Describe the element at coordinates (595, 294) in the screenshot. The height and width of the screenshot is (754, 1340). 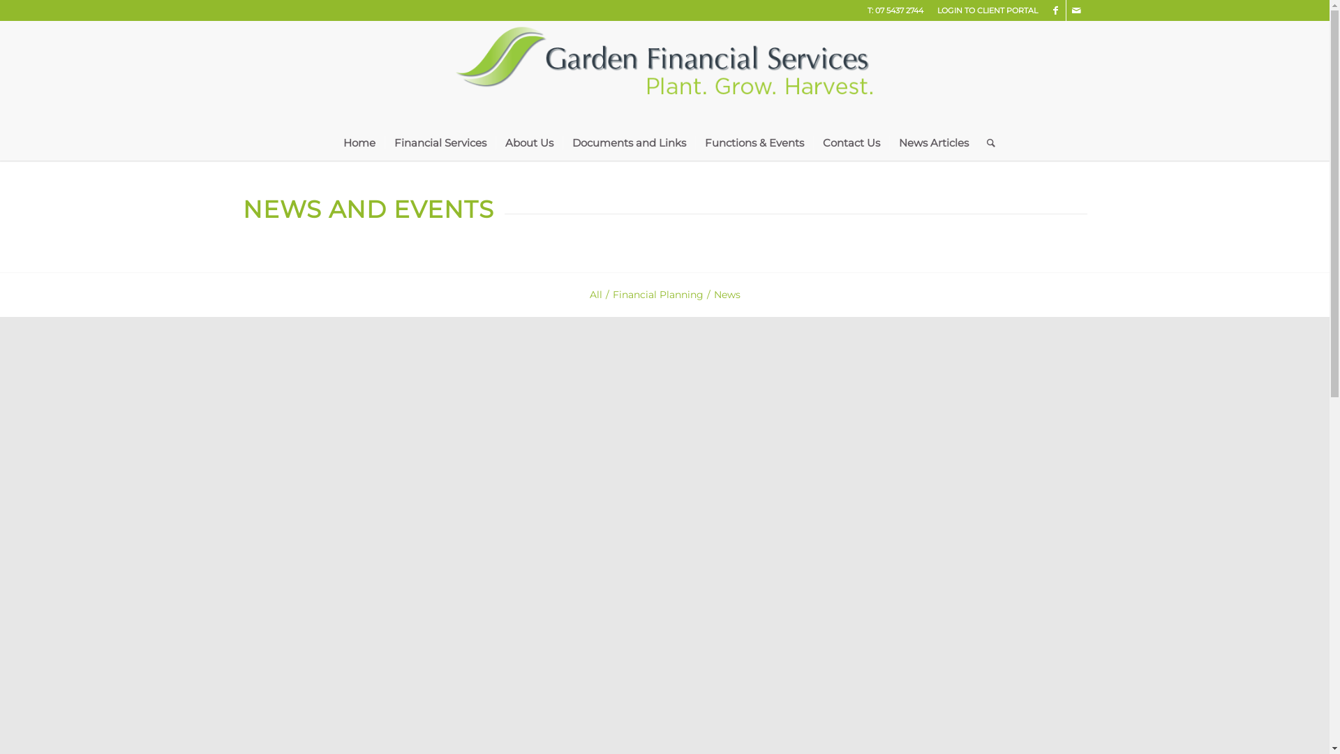
I see `'All'` at that location.